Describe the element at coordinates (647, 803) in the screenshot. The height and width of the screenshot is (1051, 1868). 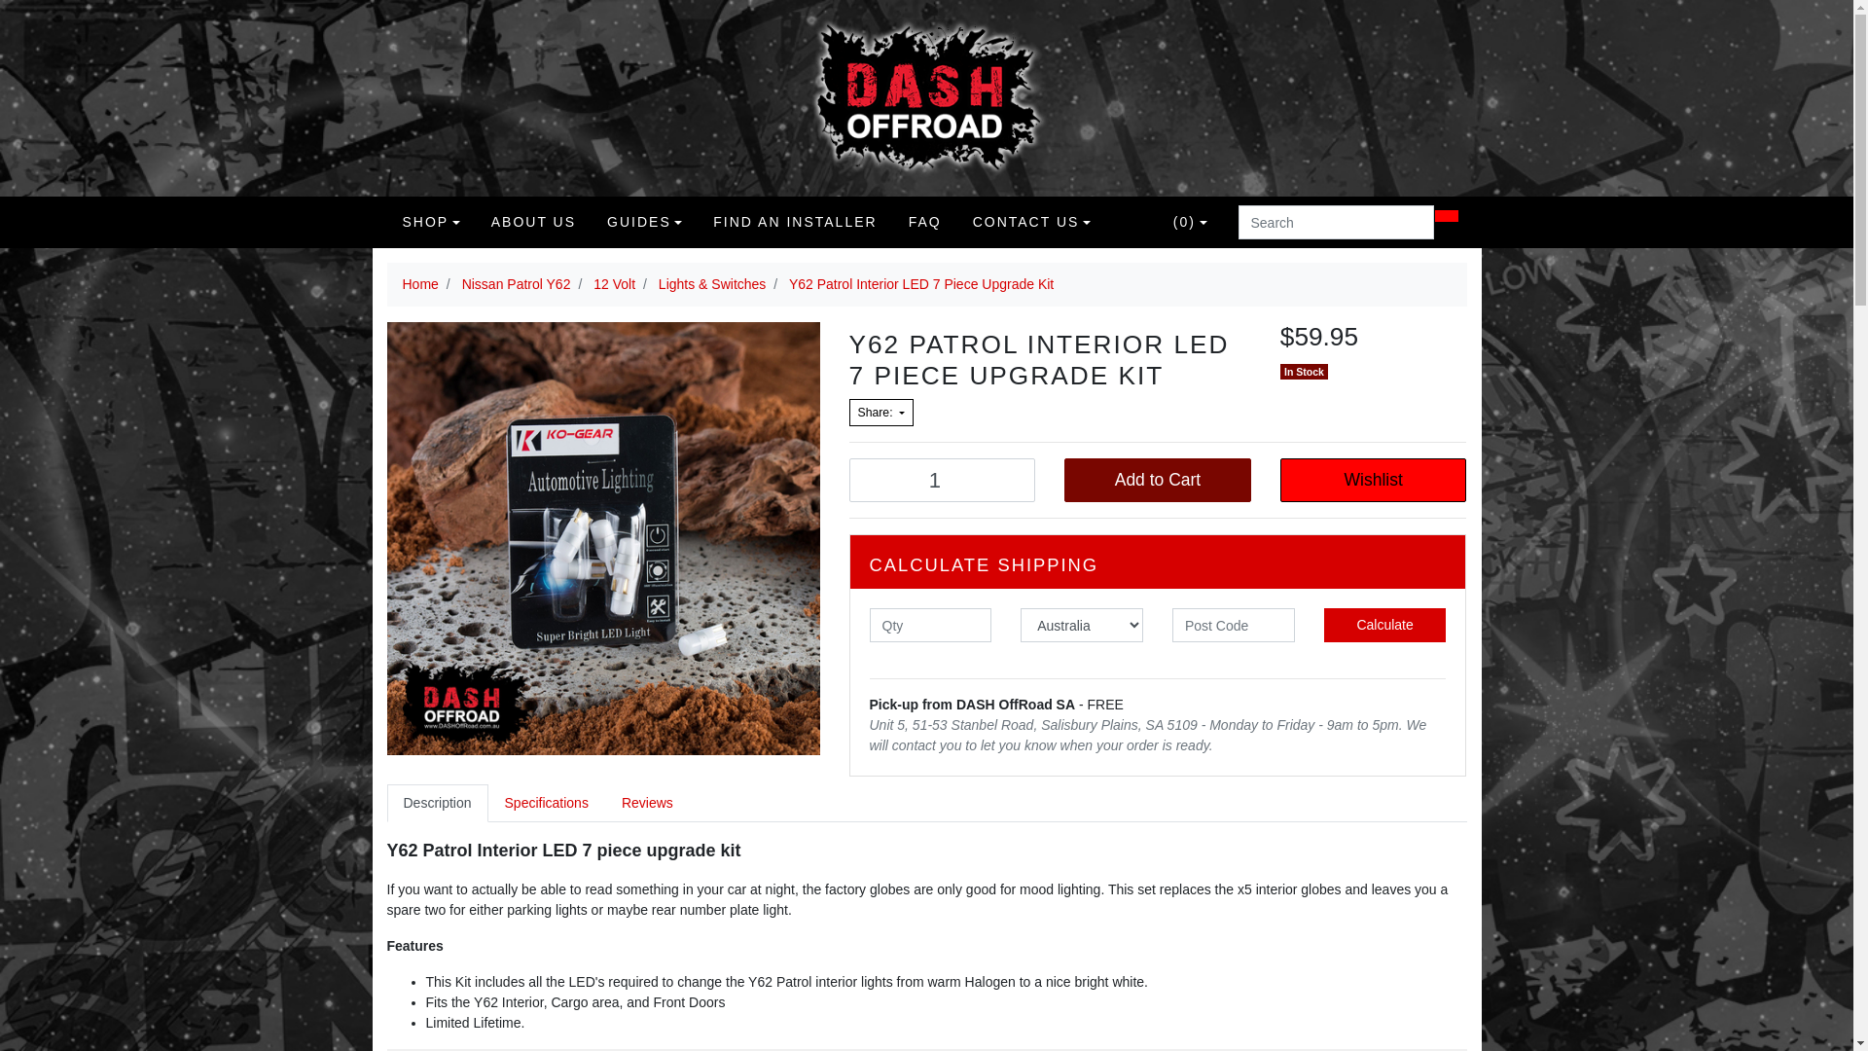
I see `'Reviews'` at that location.